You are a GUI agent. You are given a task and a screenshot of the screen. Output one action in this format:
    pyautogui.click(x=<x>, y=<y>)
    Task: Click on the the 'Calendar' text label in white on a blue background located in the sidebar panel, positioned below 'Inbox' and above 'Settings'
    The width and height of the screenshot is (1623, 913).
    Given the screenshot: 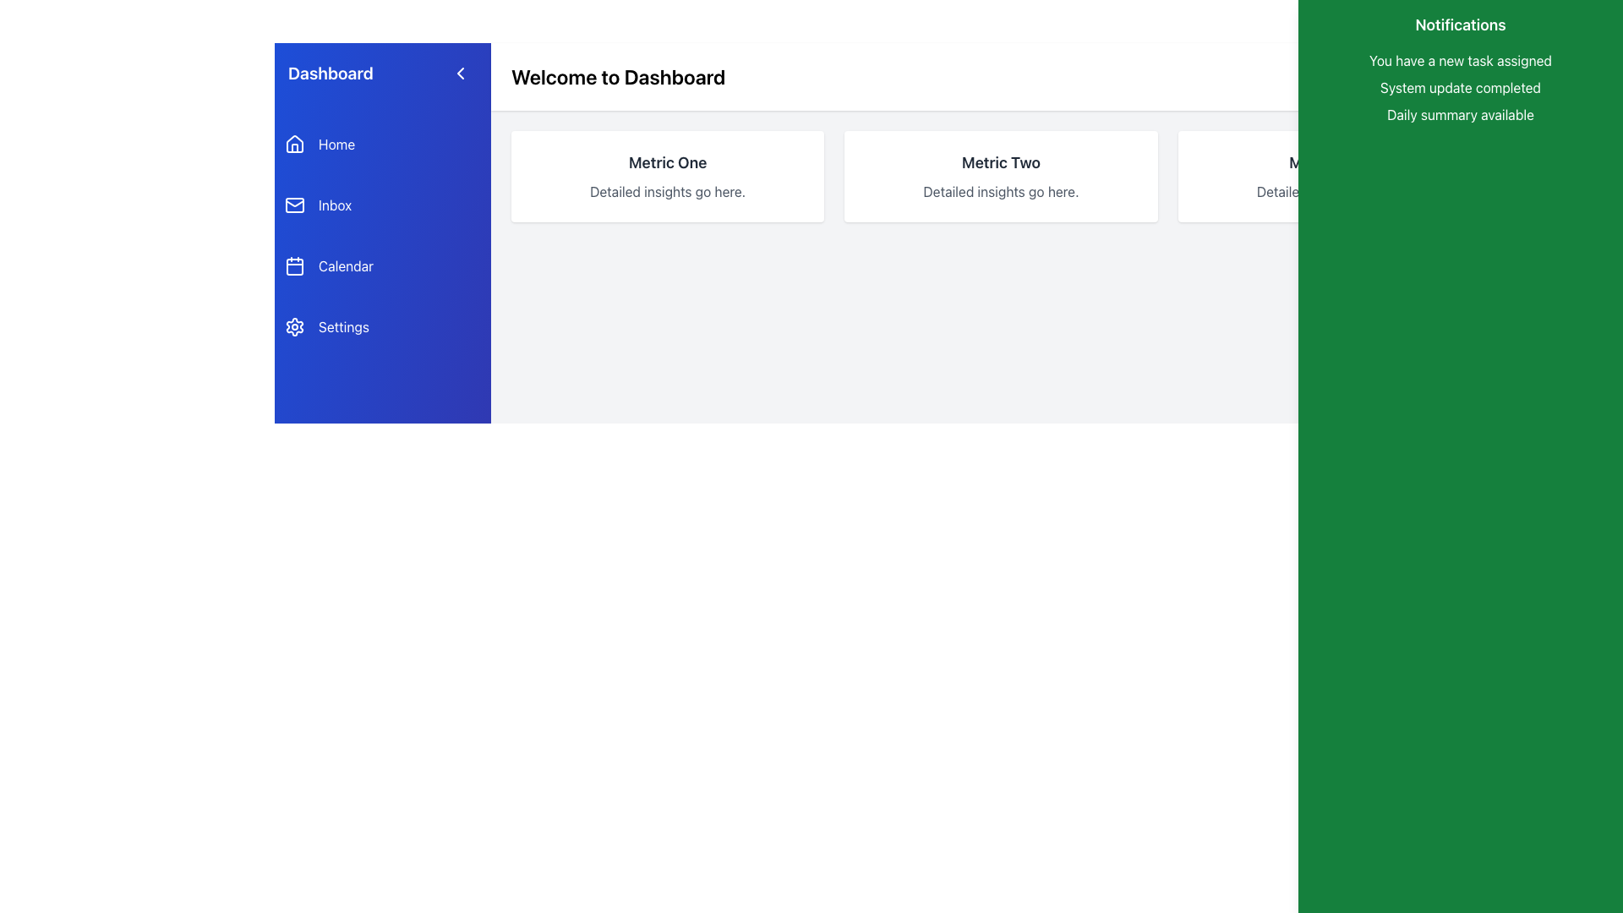 What is the action you would take?
    pyautogui.click(x=345, y=266)
    